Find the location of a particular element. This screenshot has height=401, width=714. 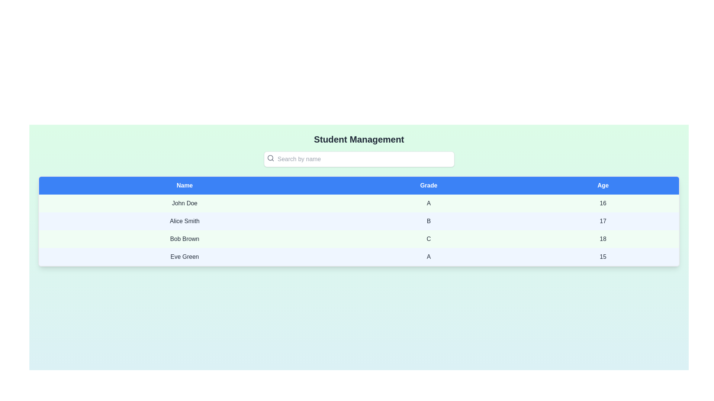

the letter 'C' displayed in the 'Grade' column of the third row in the table that lists information about 'Bob Brown' is located at coordinates (428, 239).